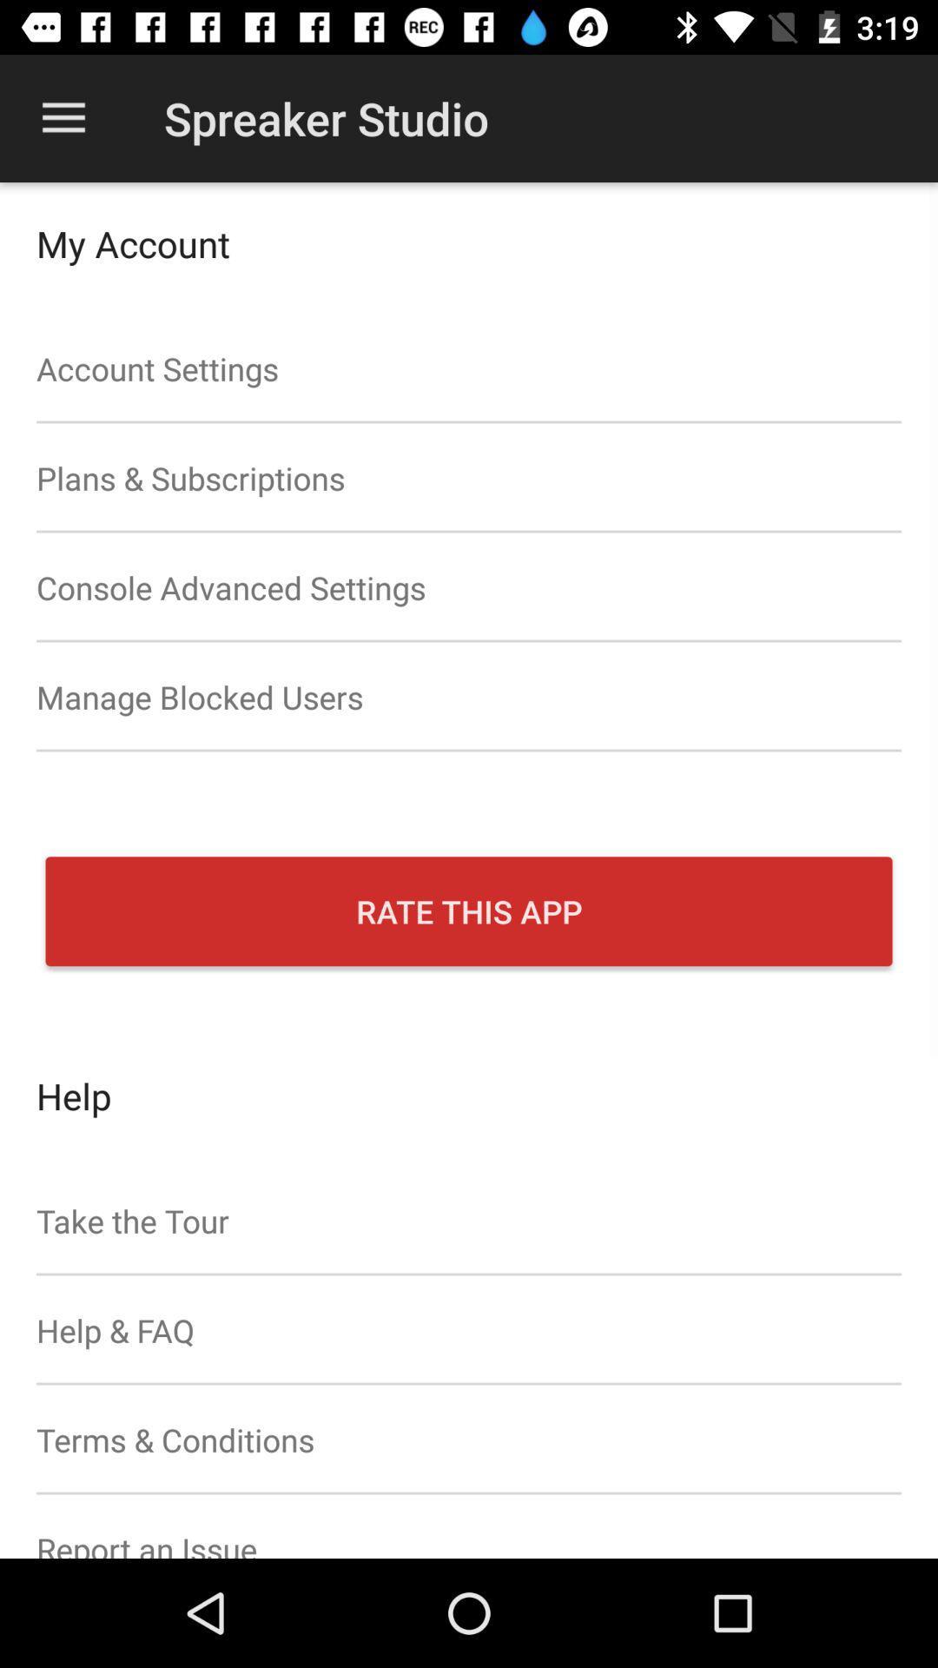 The height and width of the screenshot is (1668, 938). What do you see at coordinates (469, 1220) in the screenshot?
I see `icon above help & faq` at bounding box center [469, 1220].